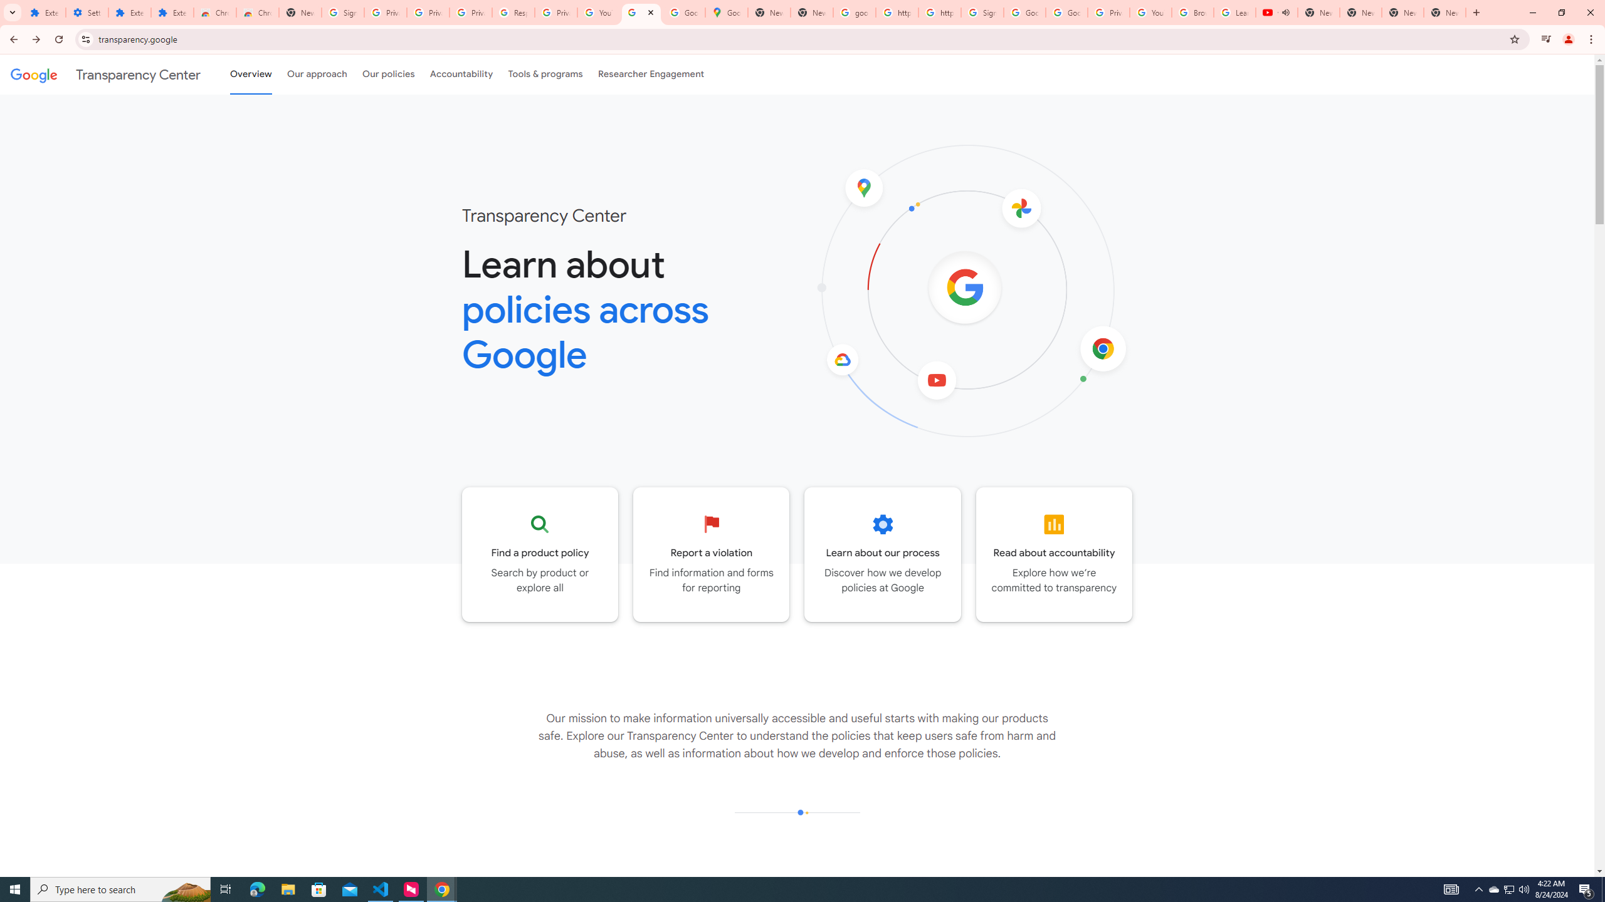 The image size is (1605, 902). I want to click on 'Accountability', so click(461, 74).